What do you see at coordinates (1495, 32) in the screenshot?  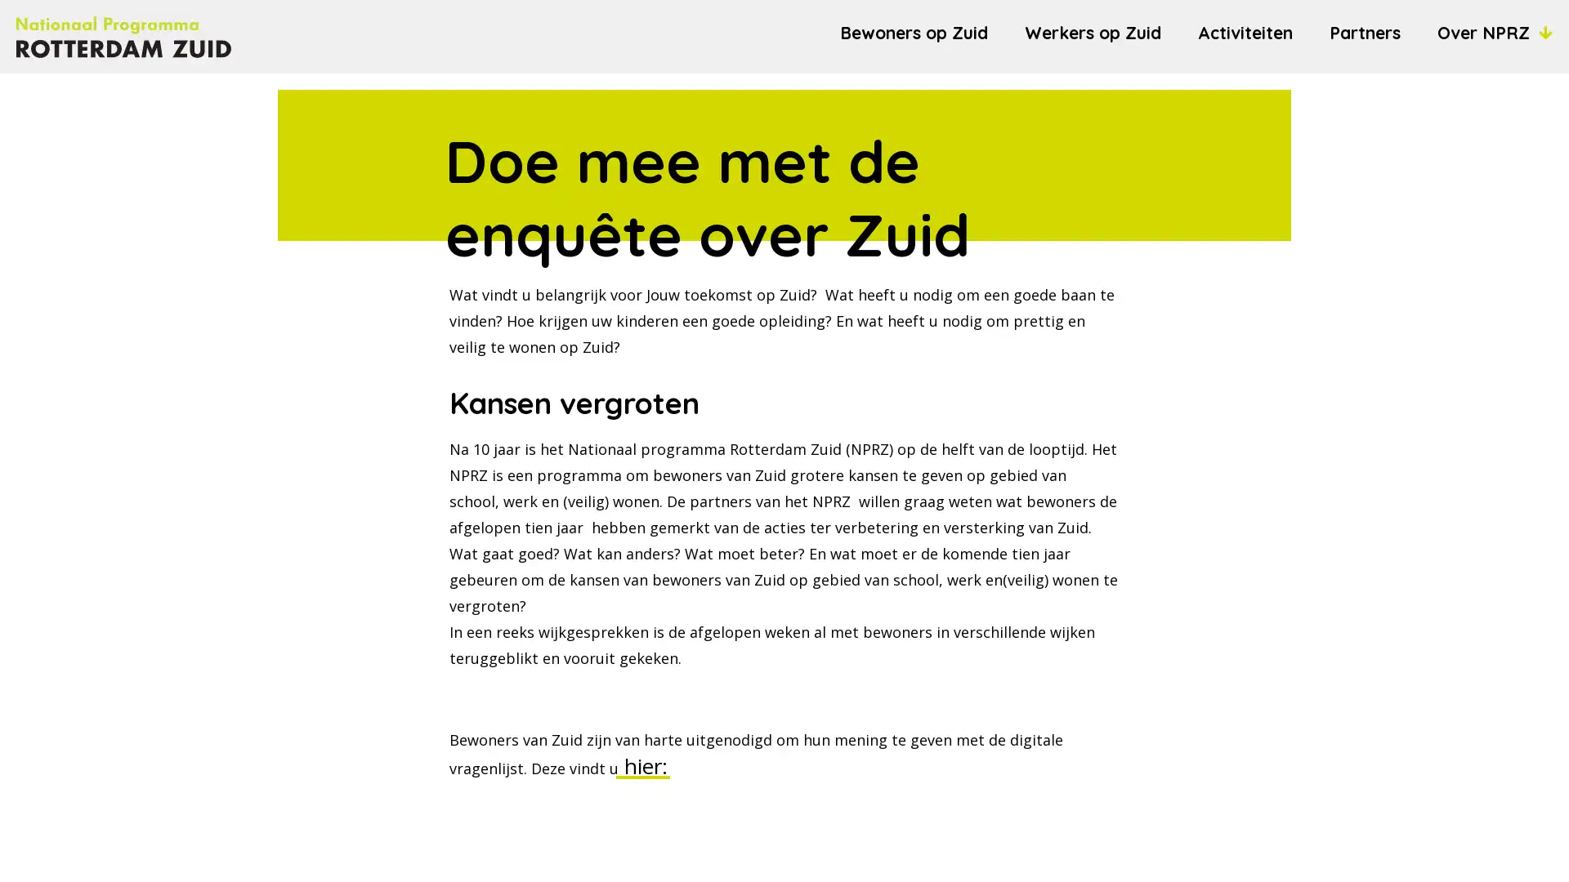 I see `Over NPRZ` at bounding box center [1495, 32].